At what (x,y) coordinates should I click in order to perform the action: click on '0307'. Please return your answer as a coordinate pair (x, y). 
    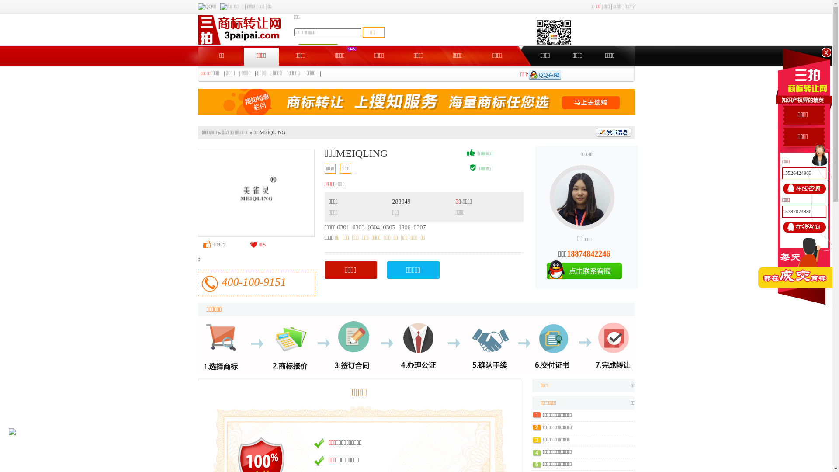
    Looking at the image, I should click on (419, 227).